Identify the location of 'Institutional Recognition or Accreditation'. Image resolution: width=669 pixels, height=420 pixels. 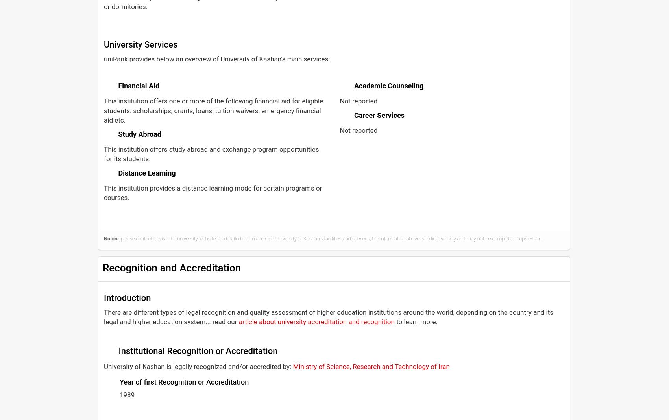
(197, 350).